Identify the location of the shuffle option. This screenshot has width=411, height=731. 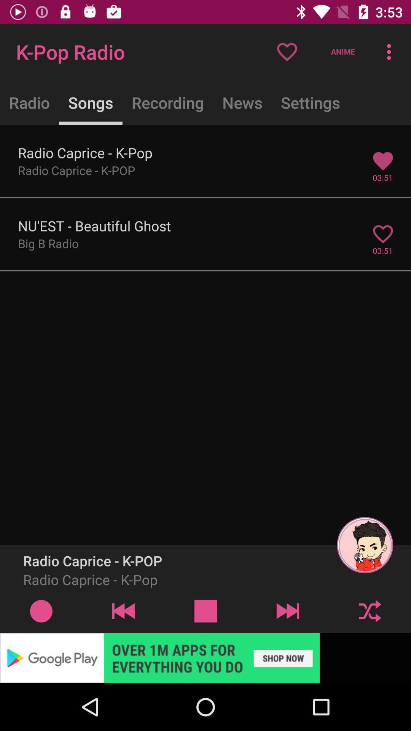
(370, 611).